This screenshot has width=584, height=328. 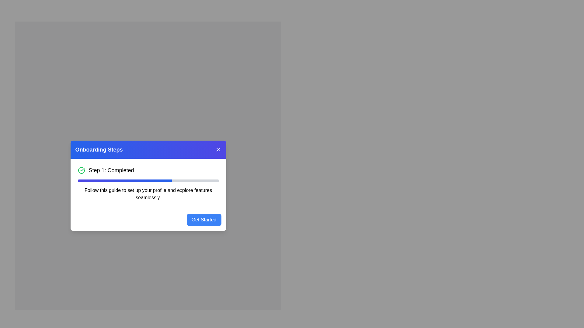 I want to click on the circular icon depicting a checkmark with a green outline, located to the far left of the 'Step 1: Completed' section, so click(x=81, y=170).